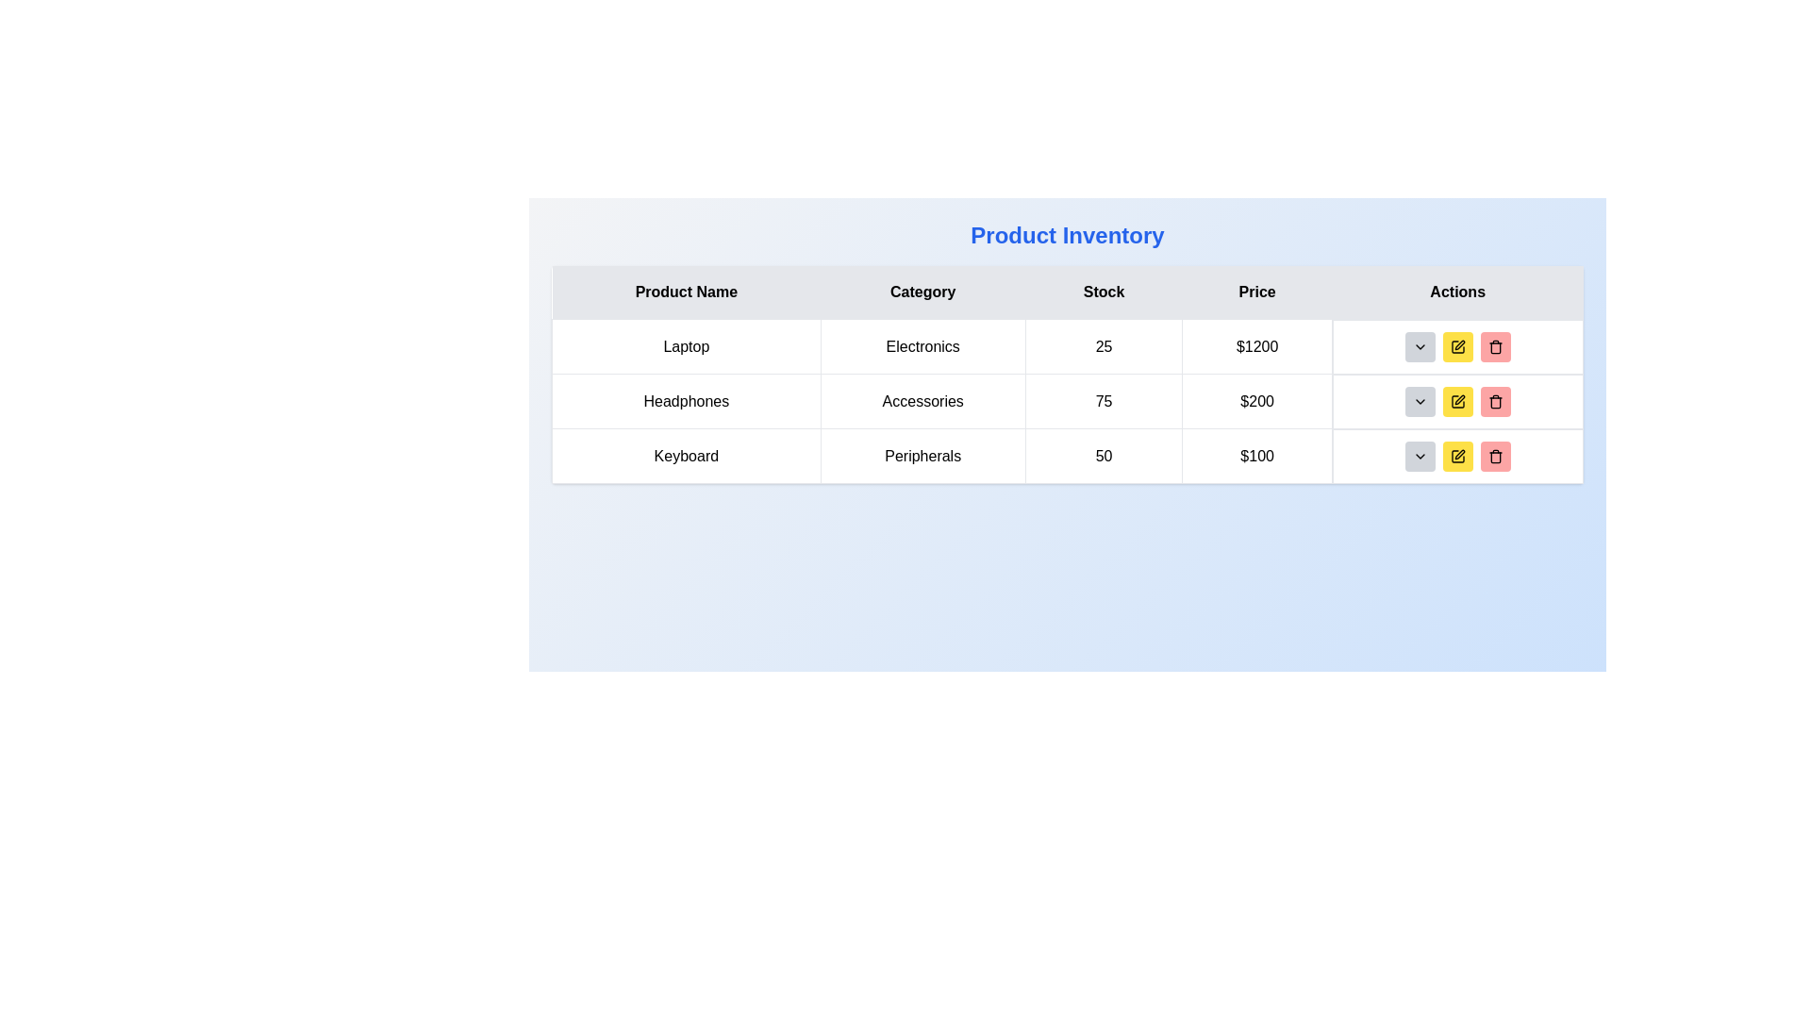 The height and width of the screenshot is (1019, 1811). What do you see at coordinates (922, 456) in the screenshot?
I see `the 'Category' text label in the third row of the table, which indicates the type of product listed` at bounding box center [922, 456].